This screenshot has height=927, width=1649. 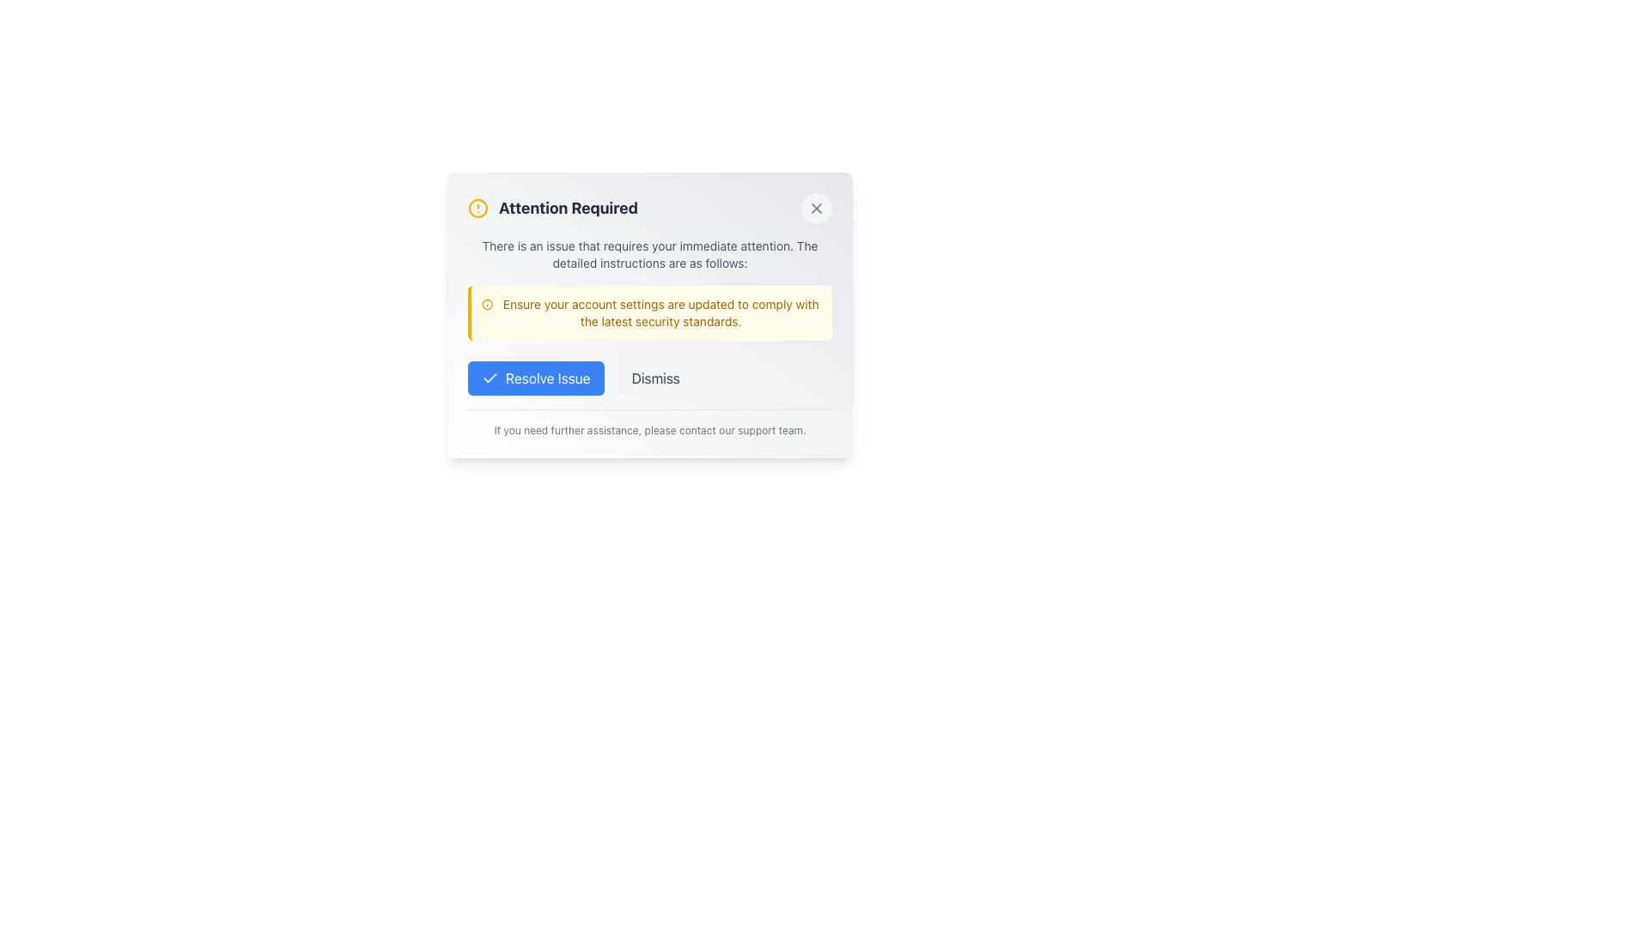 What do you see at coordinates (654, 377) in the screenshot?
I see `the 'Dismiss' button, which is a rectangular button with a light gray background and rounded edges, located to the right of the 'Resolve Issue' button in a button group at the bottom of a modal window` at bounding box center [654, 377].